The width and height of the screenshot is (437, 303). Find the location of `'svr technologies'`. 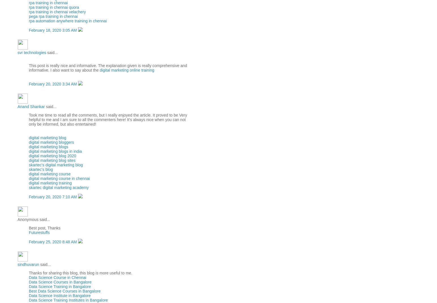

'svr technologies' is located at coordinates (31, 52).